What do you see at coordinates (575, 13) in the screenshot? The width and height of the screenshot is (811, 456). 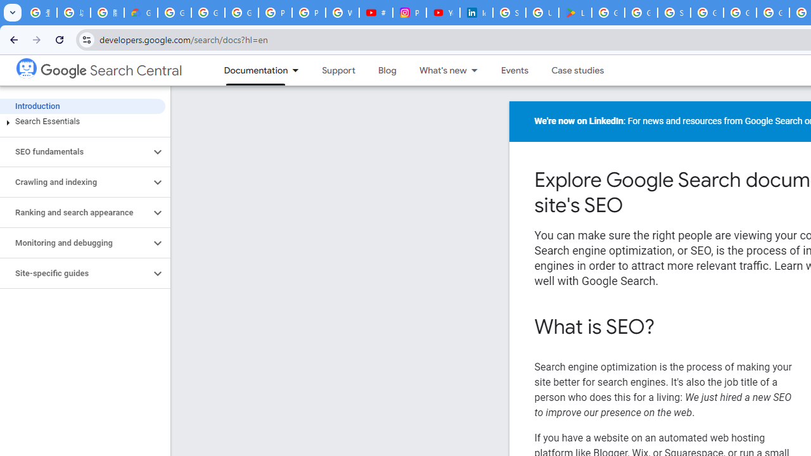 I see `'Last Shelter: Survival - Apps on Google Play'` at bounding box center [575, 13].